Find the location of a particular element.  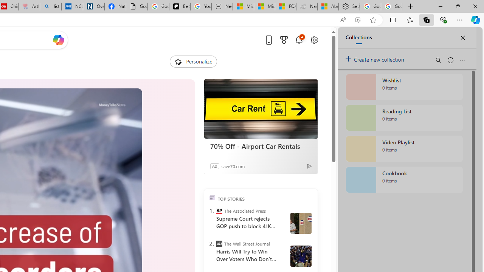

'Google Analytics Opt-out Browser Add-on Download Page' is located at coordinates (137, 6).